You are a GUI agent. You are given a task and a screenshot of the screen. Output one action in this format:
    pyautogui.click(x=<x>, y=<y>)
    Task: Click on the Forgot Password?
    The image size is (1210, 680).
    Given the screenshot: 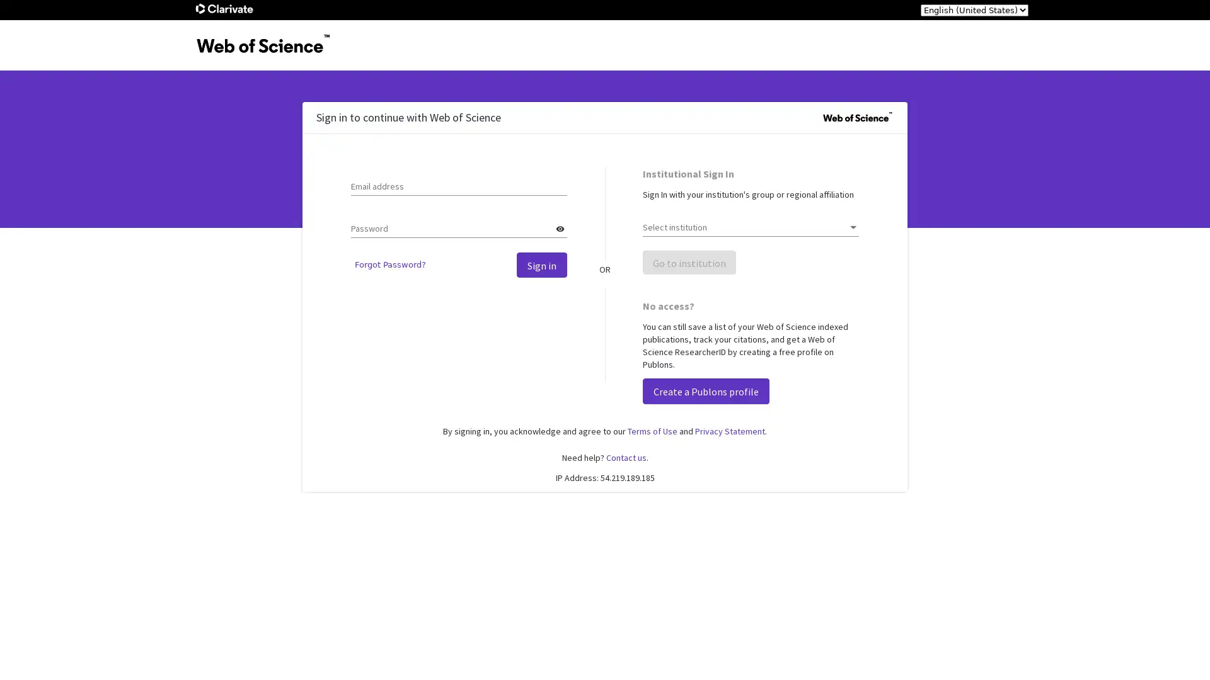 What is the action you would take?
    pyautogui.click(x=389, y=264)
    